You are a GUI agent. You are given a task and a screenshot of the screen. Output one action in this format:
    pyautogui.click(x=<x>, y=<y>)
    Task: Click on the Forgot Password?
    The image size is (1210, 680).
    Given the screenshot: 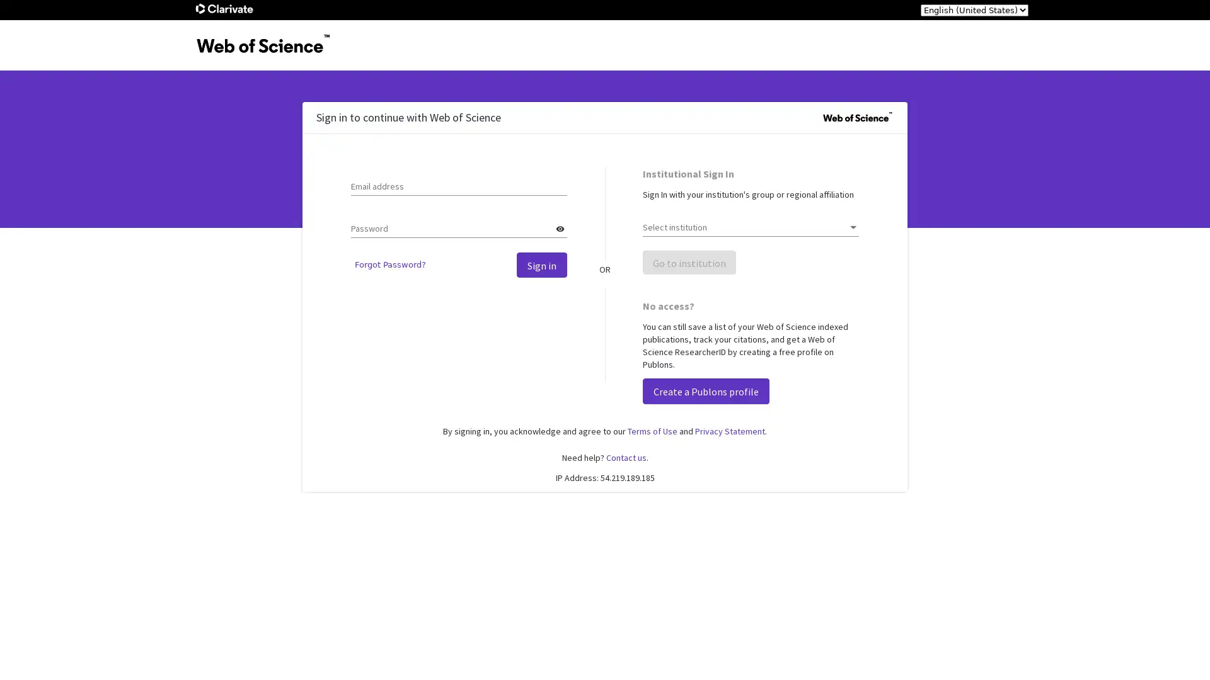 What is the action you would take?
    pyautogui.click(x=389, y=264)
    